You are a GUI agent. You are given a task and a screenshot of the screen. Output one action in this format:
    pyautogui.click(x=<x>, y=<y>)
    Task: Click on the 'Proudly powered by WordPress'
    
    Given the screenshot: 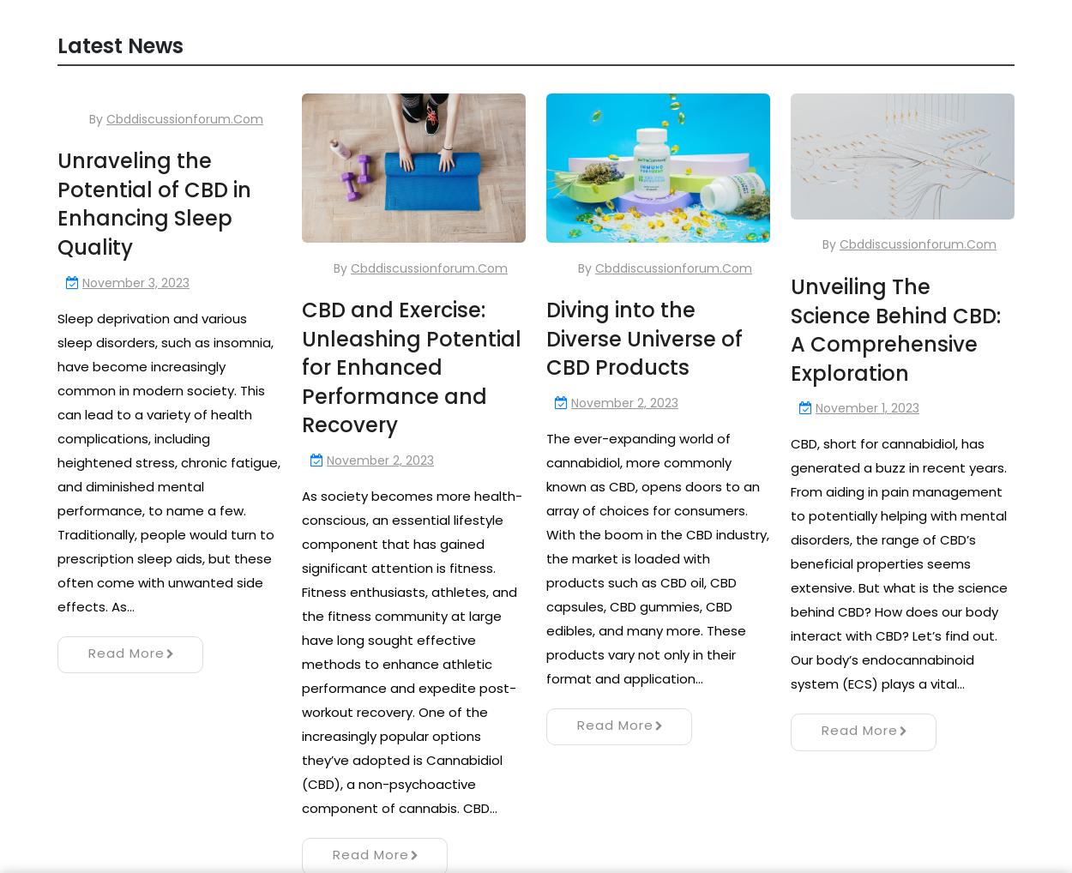 What is the action you would take?
    pyautogui.click(x=534, y=845)
    